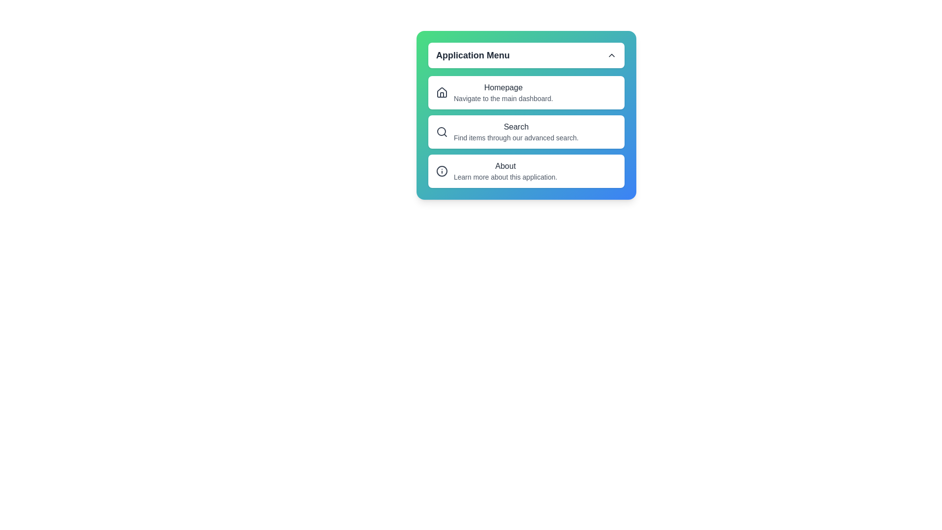 The width and height of the screenshot is (942, 530). What do you see at coordinates (526, 55) in the screenshot?
I see `the 'Application Menu' button to toggle the menu's expansion or collapse` at bounding box center [526, 55].